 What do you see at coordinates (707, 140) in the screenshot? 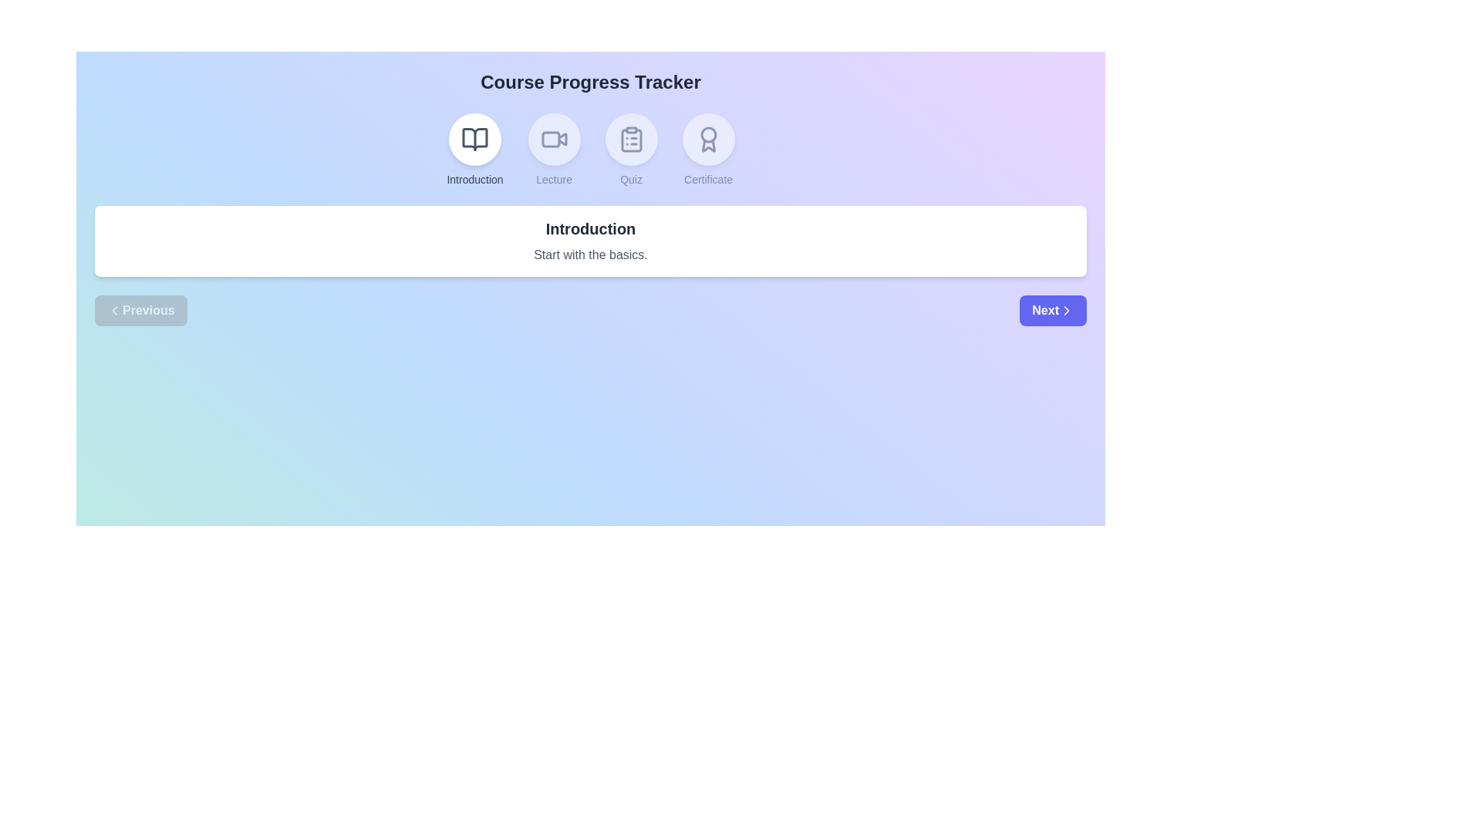
I see `the icon representing the Certificate step in the course progress tracker` at bounding box center [707, 140].